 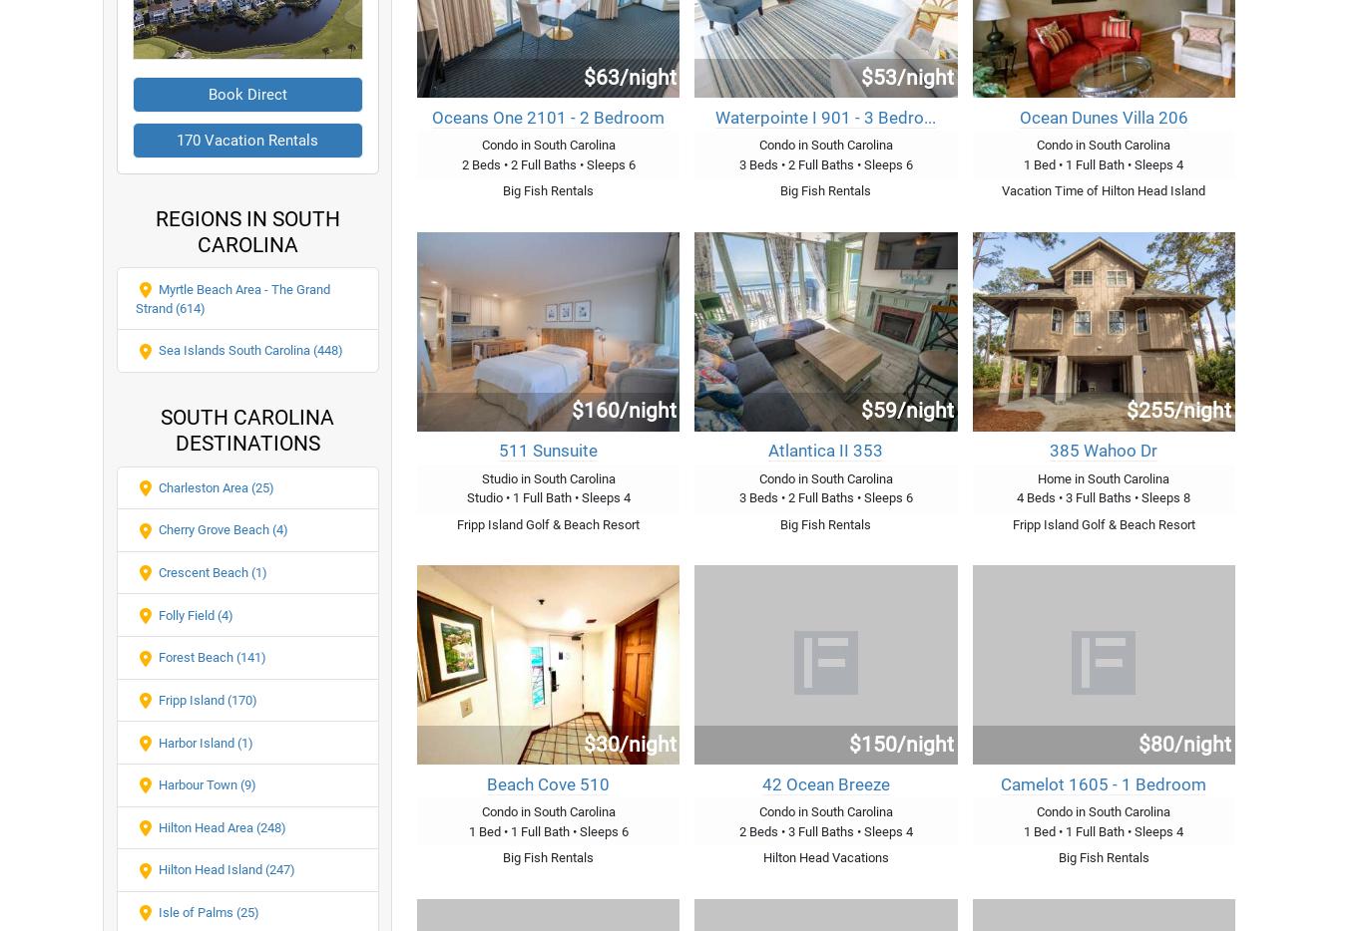 I want to click on 'How can I find a vacation rental manager in South Carolina?', so click(x=158, y=12).